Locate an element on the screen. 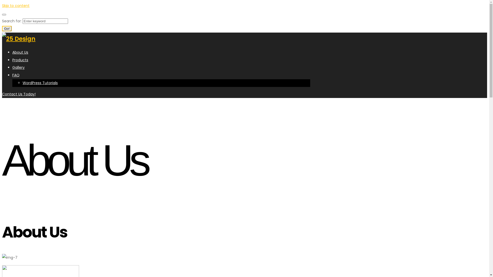  'Search for:' is located at coordinates (45, 21).